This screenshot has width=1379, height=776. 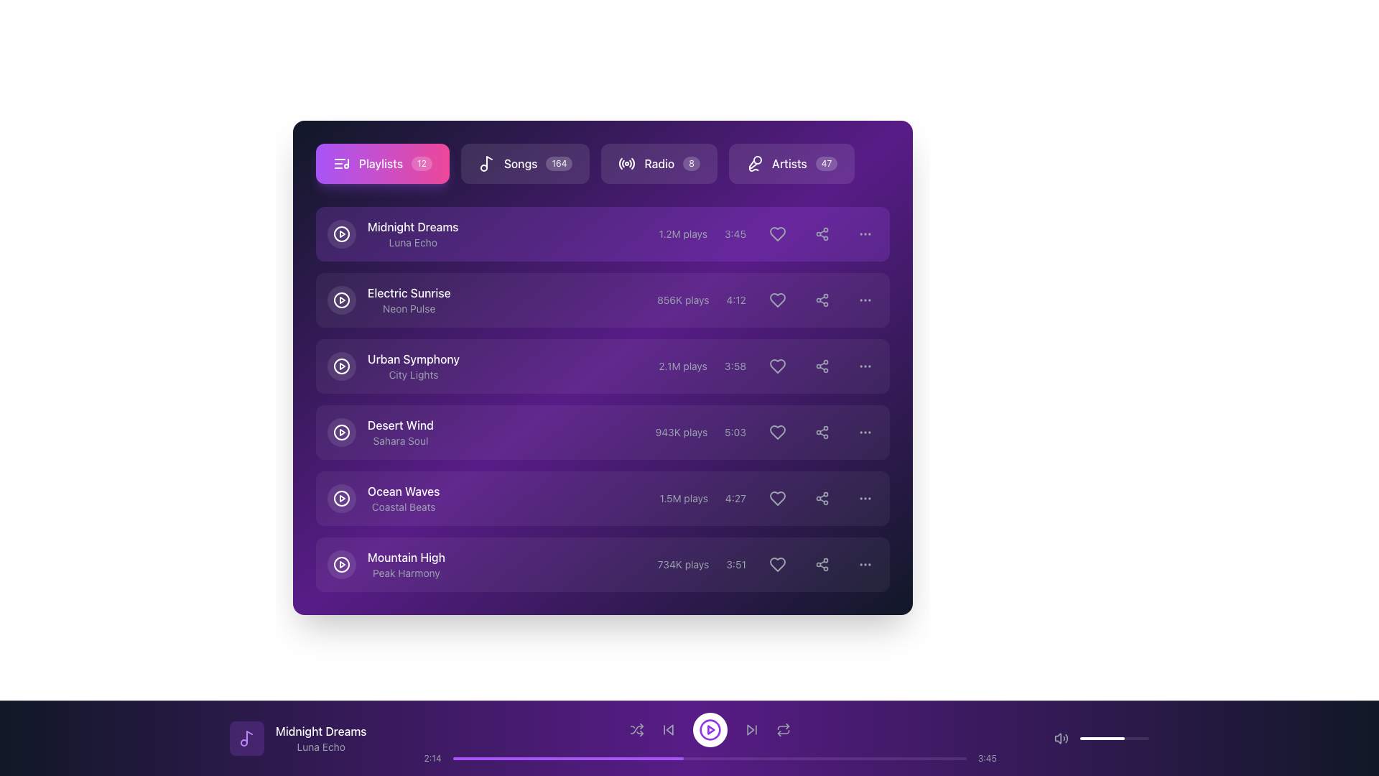 I want to click on the 'Radio' navigation button icon, which serves as a visual indicator for radio features within the application, located in the top horizontal menu bar, so click(x=627, y=162).